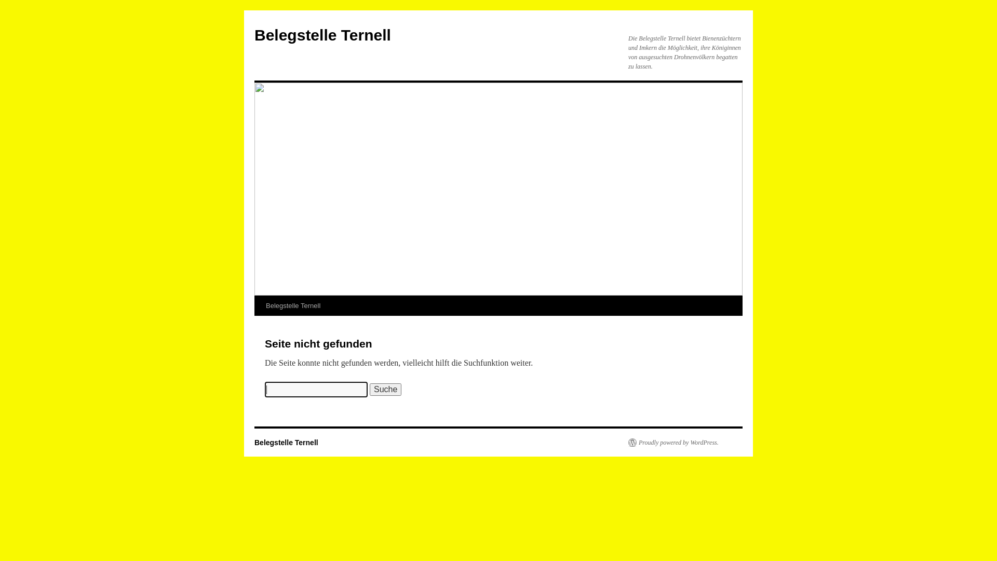 This screenshot has height=561, width=997. What do you see at coordinates (369, 389) in the screenshot?
I see `'Suche'` at bounding box center [369, 389].